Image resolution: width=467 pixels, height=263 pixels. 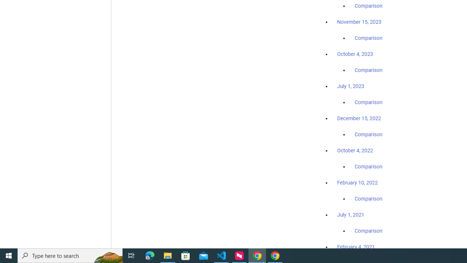 What do you see at coordinates (351, 214) in the screenshot?
I see `'July 1, 2021'` at bounding box center [351, 214].